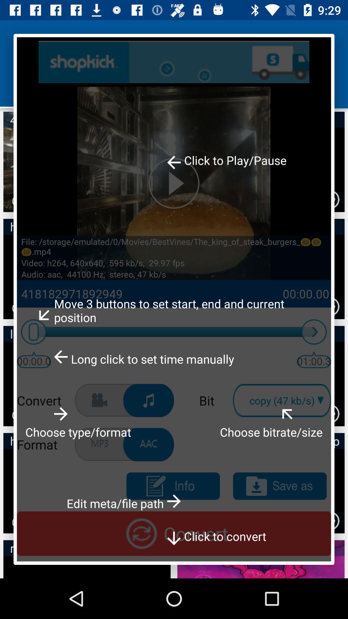  Describe the element at coordinates (174, 62) in the screenshot. I see `shopkick icon` at that location.